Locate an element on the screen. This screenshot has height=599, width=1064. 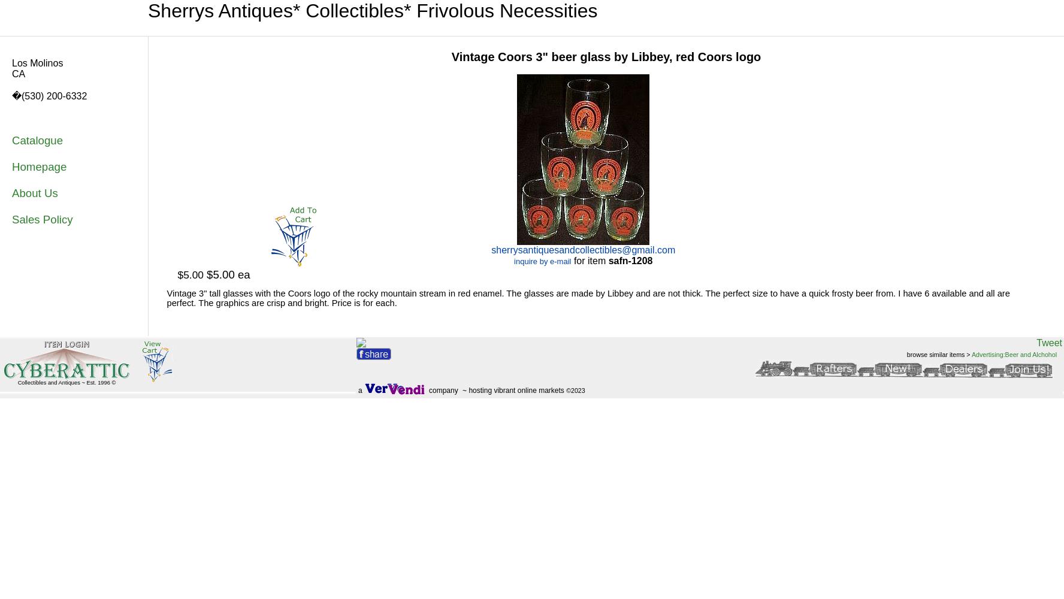
'browse similar items >' is located at coordinates (938, 354).